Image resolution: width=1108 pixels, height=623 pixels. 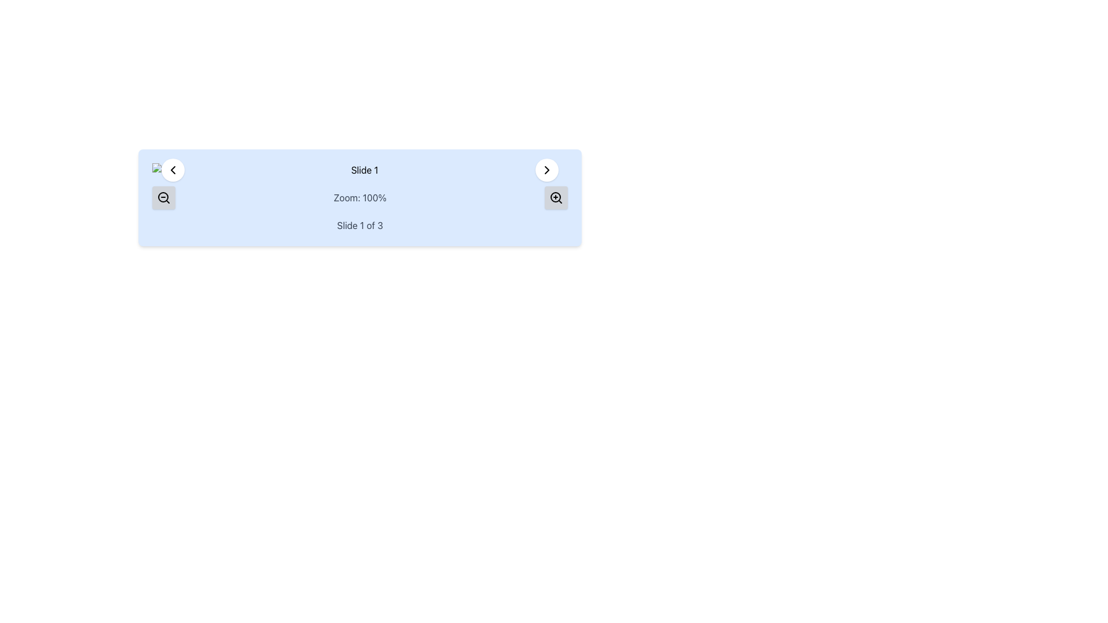 What do you see at coordinates (546, 170) in the screenshot?
I see `the right navigation button of the carousel, which is a circular button with a white background and a black rightward chevron icon` at bounding box center [546, 170].